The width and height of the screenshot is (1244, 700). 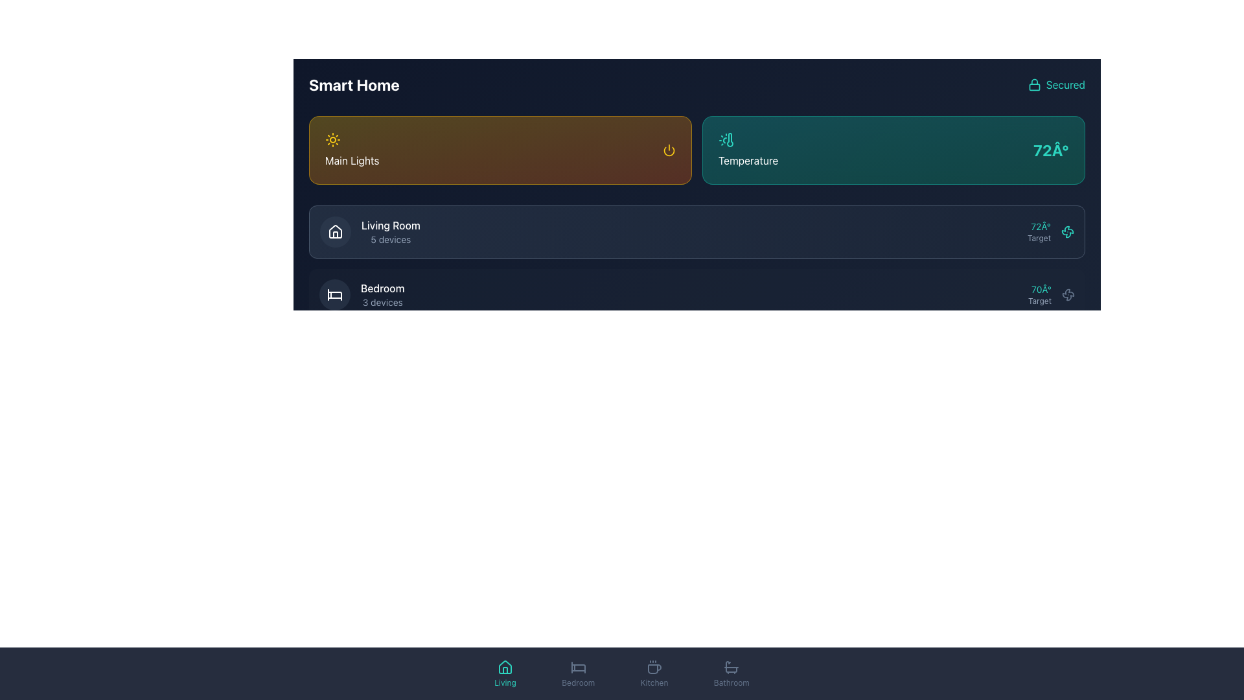 What do you see at coordinates (669, 149) in the screenshot?
I see `the icon button located at the far-right end of the brown rectangular area labeled 'Main Lights'` at bounding box center [669, 149].